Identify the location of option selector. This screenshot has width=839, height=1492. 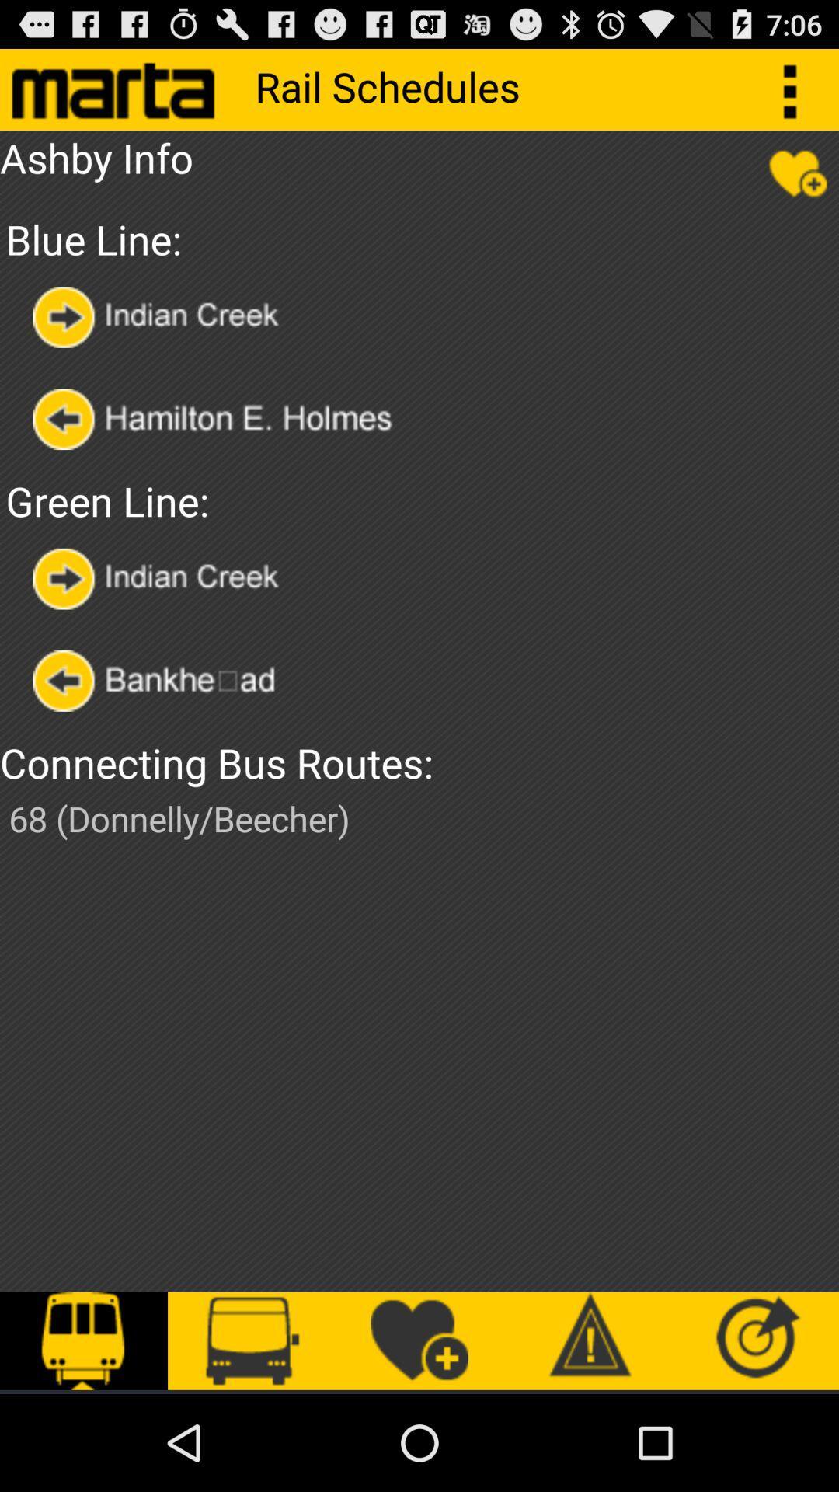
(161, 316).